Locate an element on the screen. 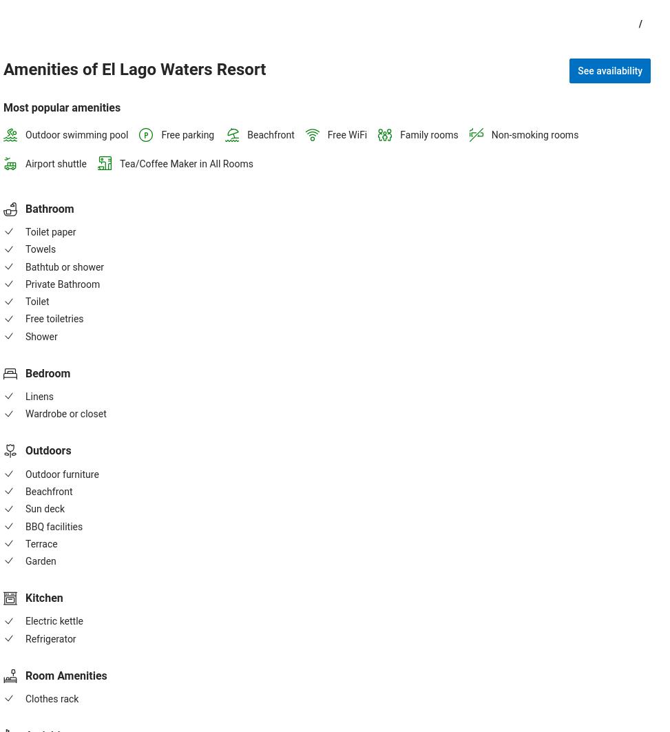 The image size is (670, 732). 'Private Bathroom' is located at coordinates (61, 284).